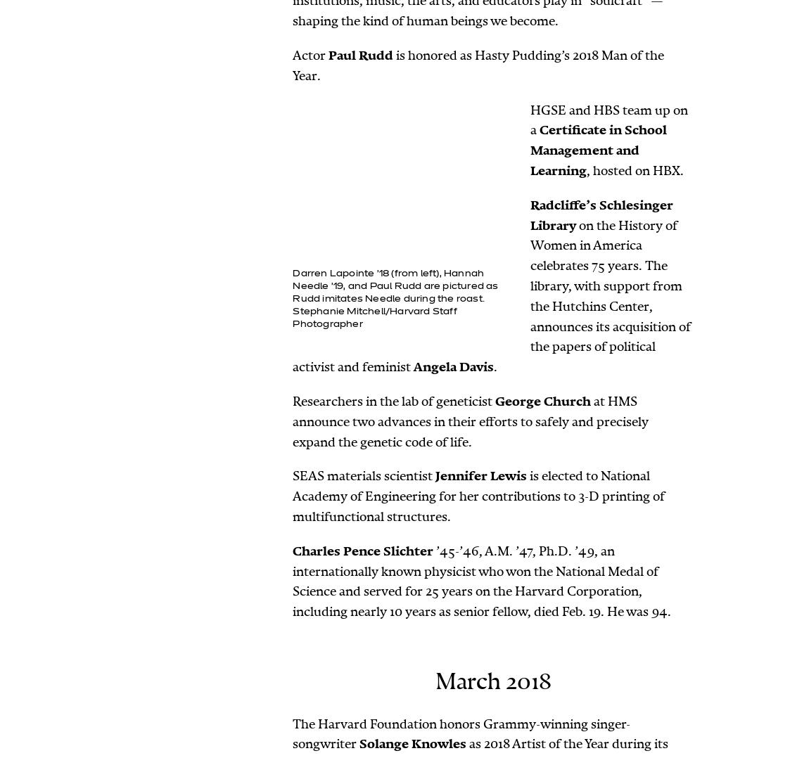 Image resolution: width=809 pixels, height=758 pixels. I want to click on 'George Church', so click(541, 401).